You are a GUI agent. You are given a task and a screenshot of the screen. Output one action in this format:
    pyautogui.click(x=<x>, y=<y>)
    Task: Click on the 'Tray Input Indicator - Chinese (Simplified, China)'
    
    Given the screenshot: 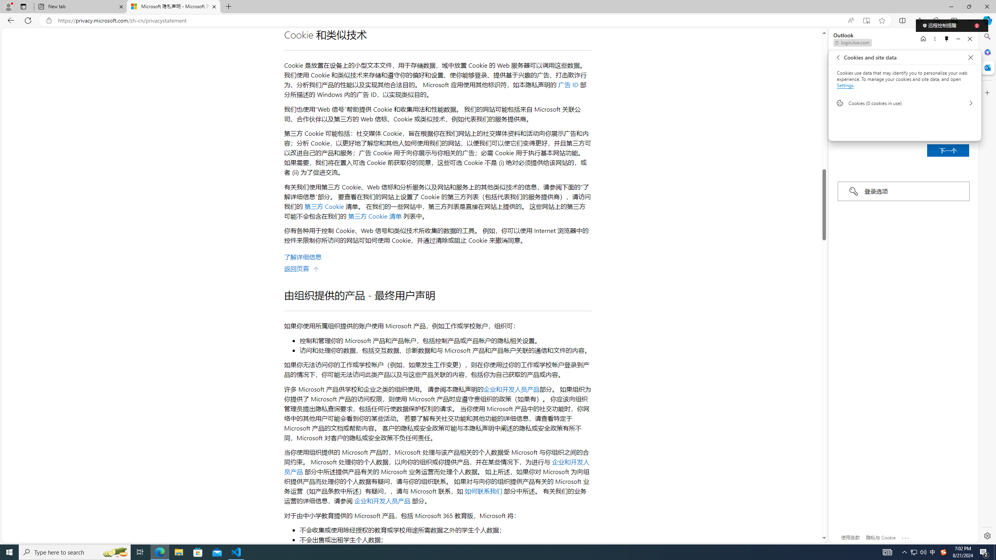 What is the action you would take?
    pyautogui.click(x=943, y=551)
    